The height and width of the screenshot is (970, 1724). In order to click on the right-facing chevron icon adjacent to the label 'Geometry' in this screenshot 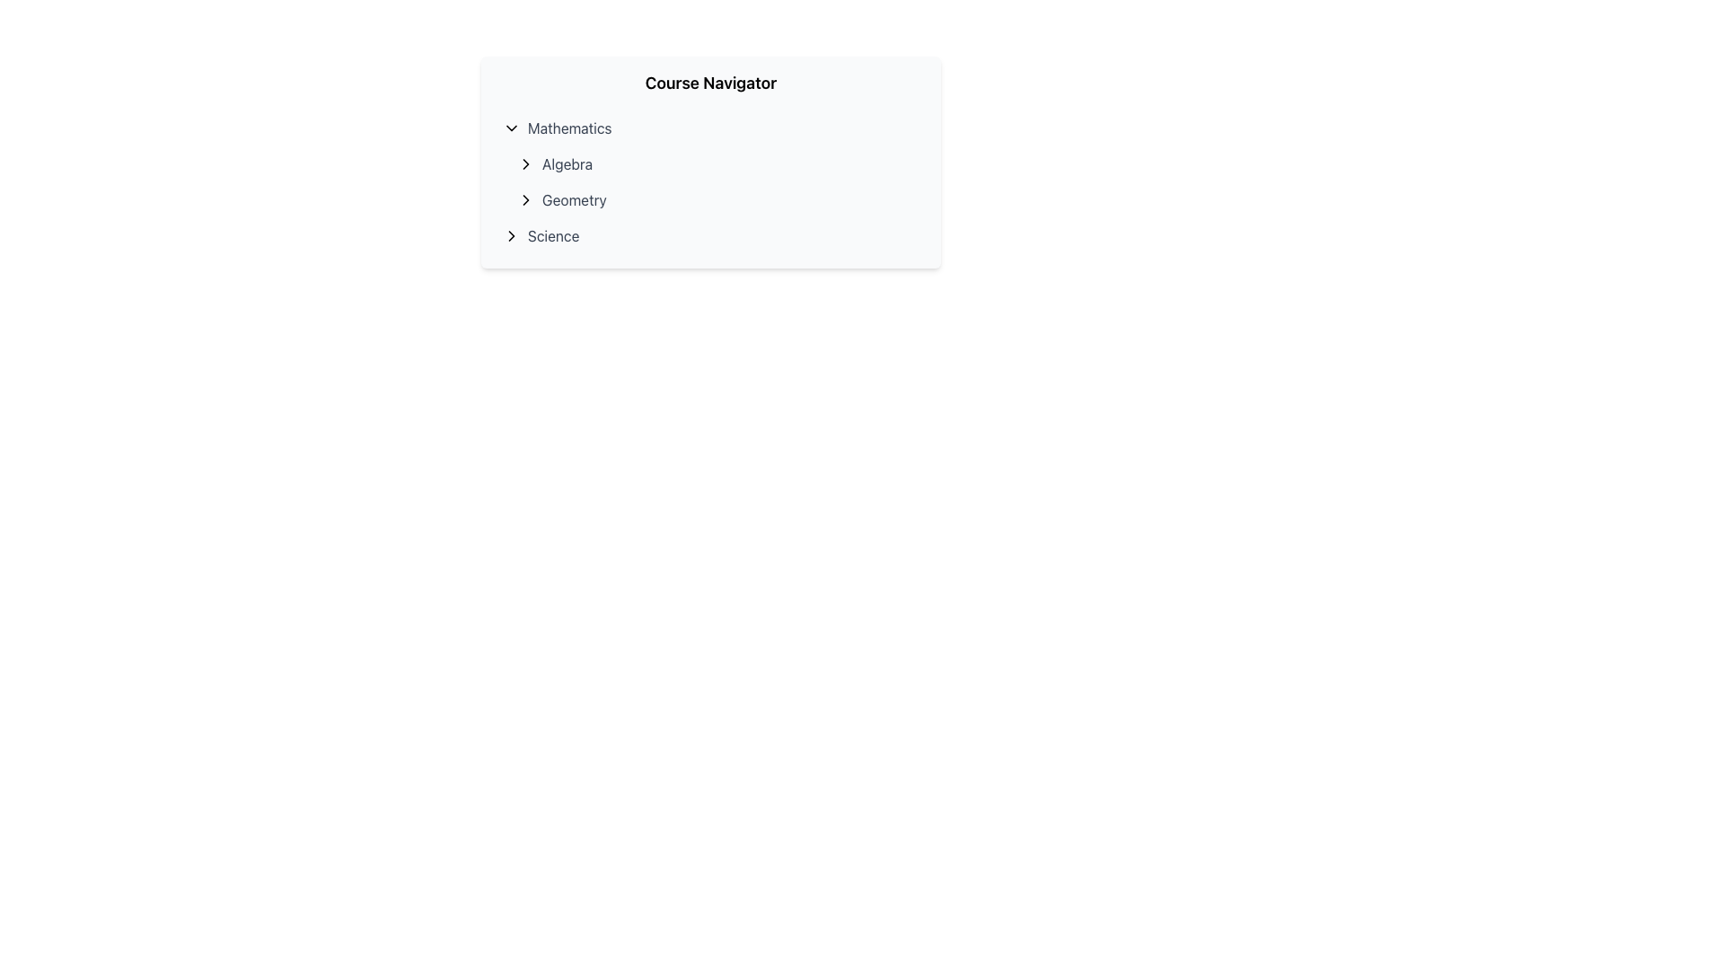, I will do `click(524, 200)`.